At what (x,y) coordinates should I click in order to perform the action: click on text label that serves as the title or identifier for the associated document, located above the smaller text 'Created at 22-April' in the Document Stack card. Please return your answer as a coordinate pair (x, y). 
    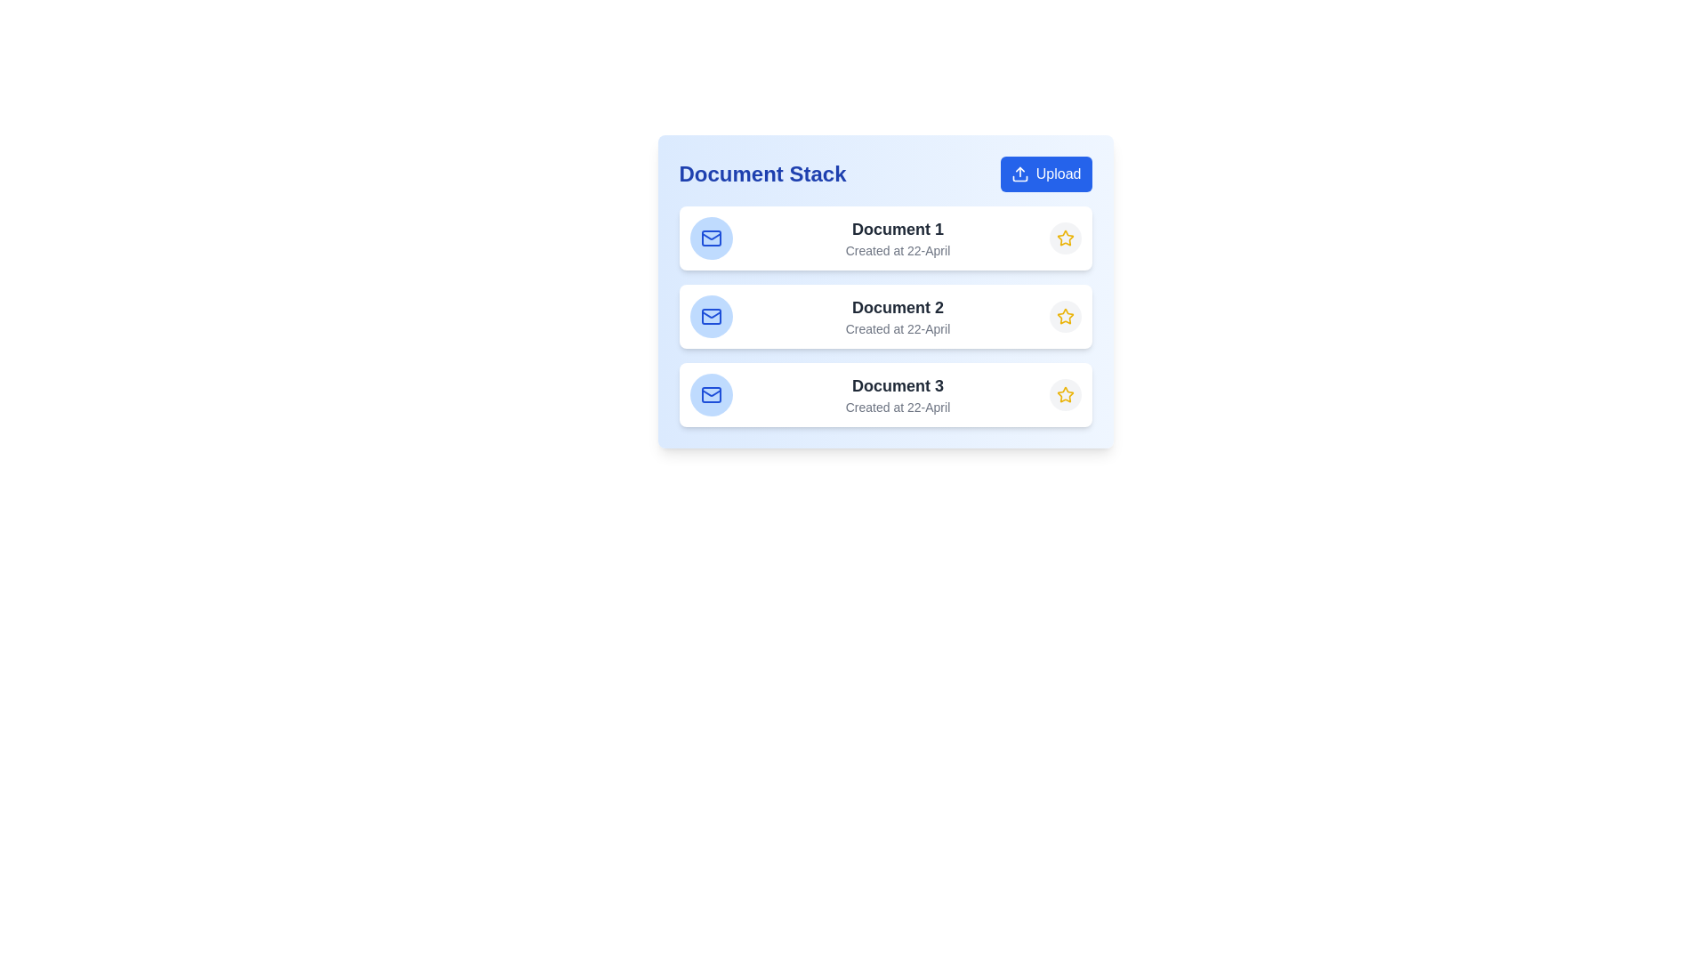
    Looking at the image, I should click on (898, 229).